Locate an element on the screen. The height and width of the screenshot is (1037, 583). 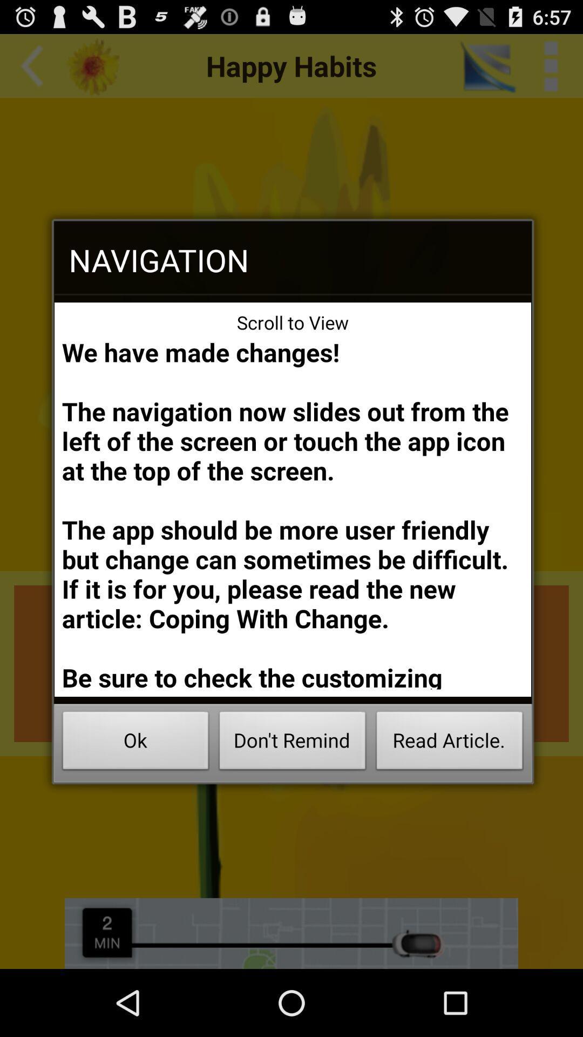
the read article. button is located at coordinates (450, 743).